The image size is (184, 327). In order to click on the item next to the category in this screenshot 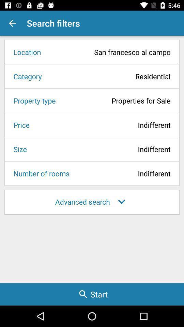, I will do `click(108, 76)`.